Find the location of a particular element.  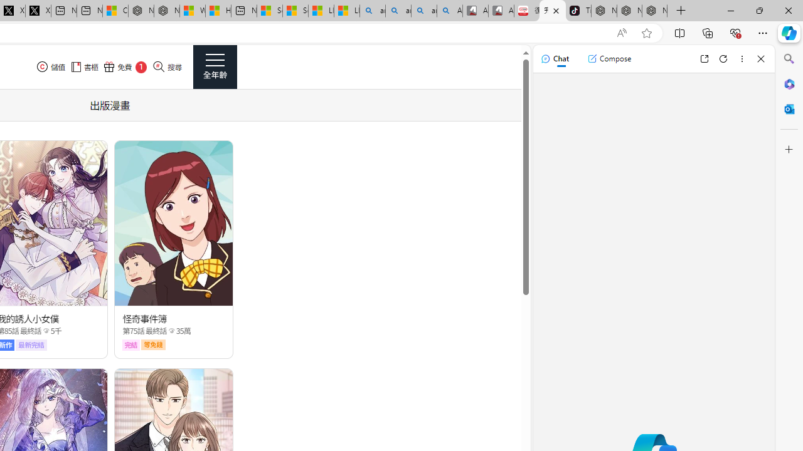

'Class: epicon_starpoint' is located at coordinates (171, 329).